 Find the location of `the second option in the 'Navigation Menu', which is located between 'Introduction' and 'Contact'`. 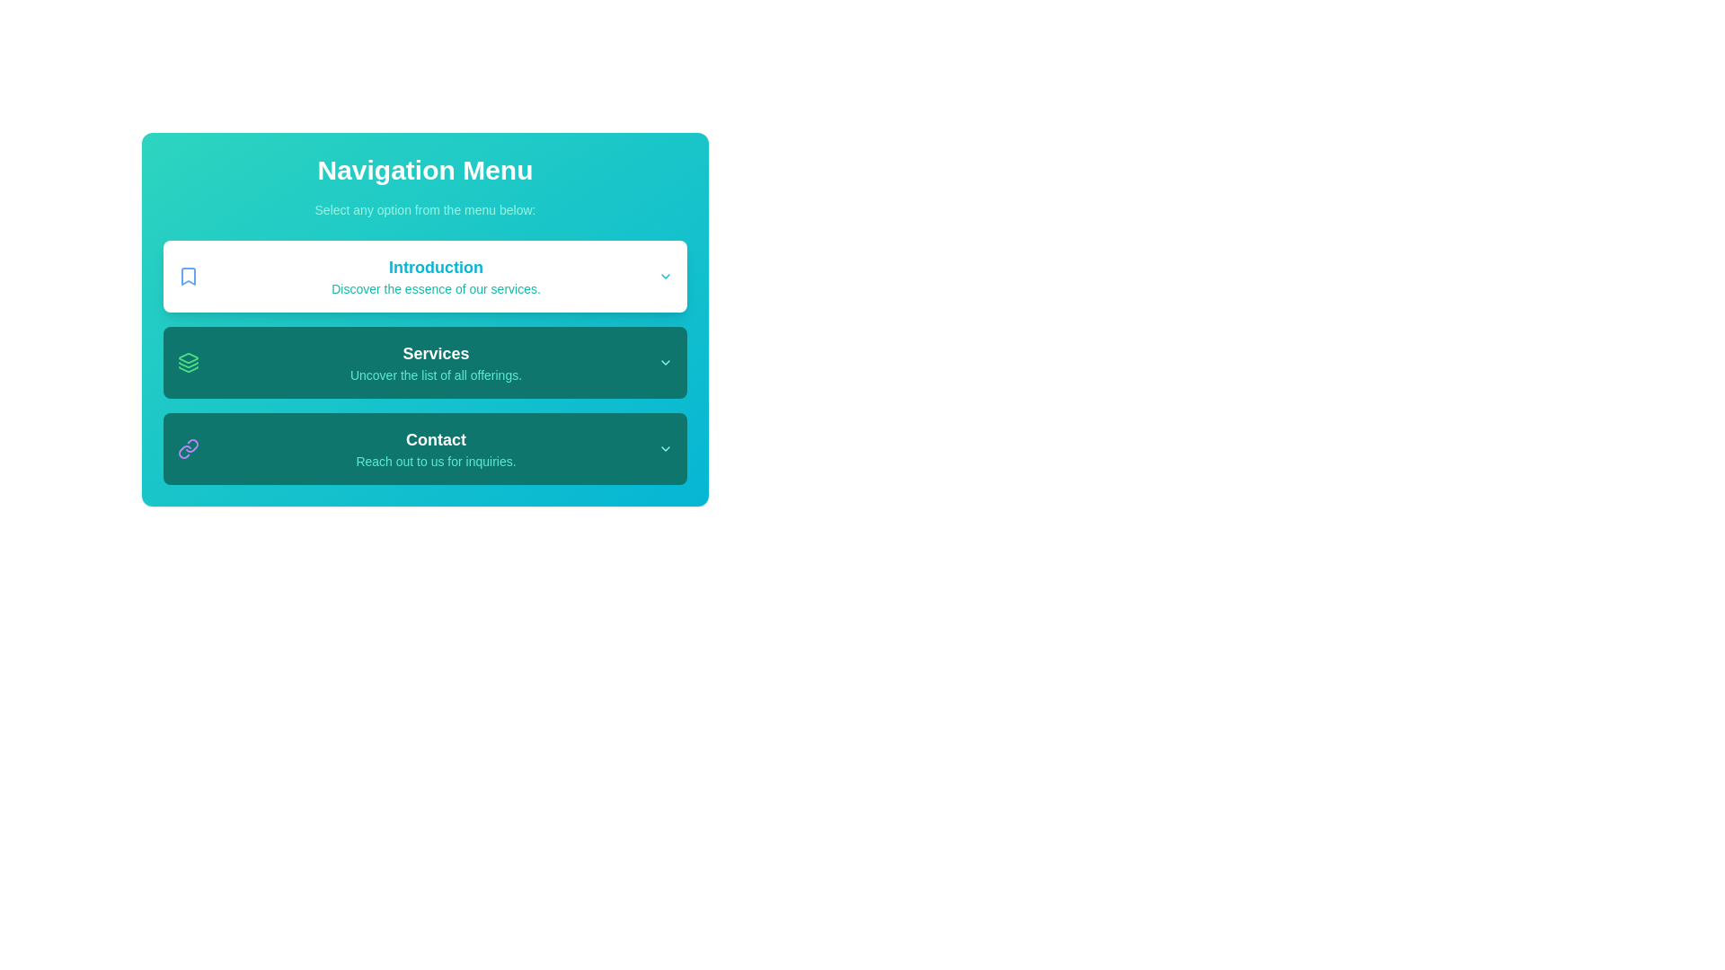

the second option in the 'Navigation Menu', which is located between 'Introduction' and 'Contact' is located at coordinates (424, 363).